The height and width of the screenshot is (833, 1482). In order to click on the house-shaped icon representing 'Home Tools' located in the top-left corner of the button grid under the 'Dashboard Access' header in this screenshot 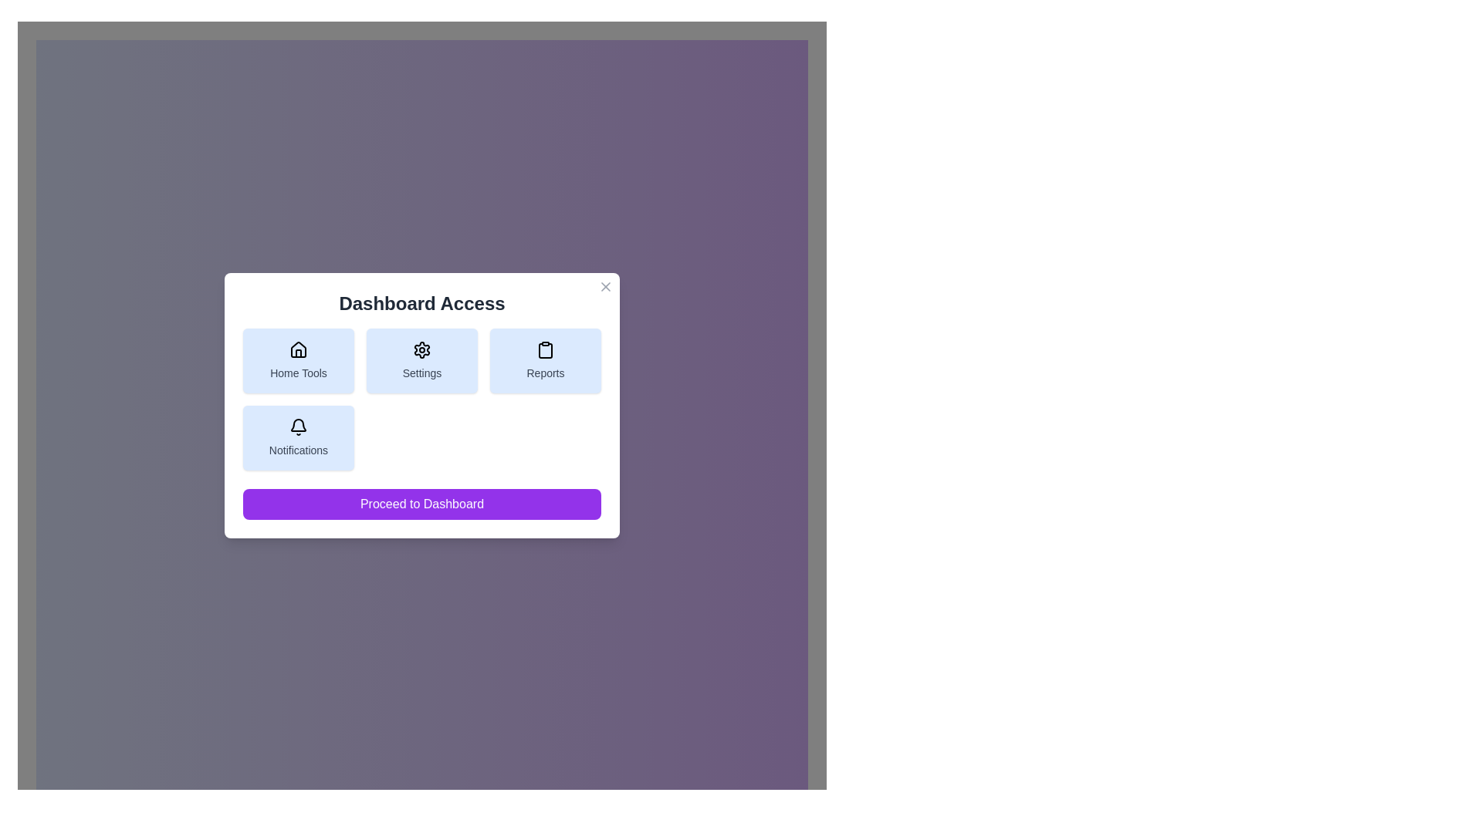, I will do `click(299, 349)`.